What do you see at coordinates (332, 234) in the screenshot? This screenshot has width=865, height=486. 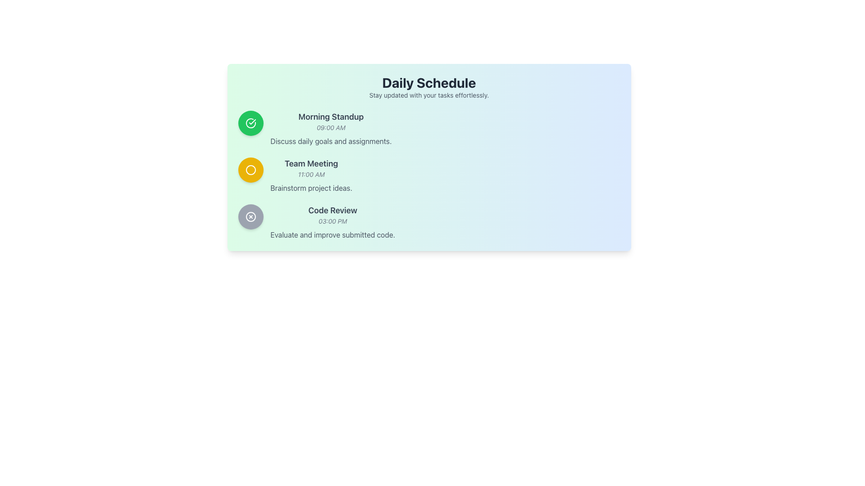 I see `the text element that reads 'Evaluate and improve submitted code.' located at the bottom of the 'Code Review' section in the 'Daily Schedule' interface` at bounding box center [332, 234].